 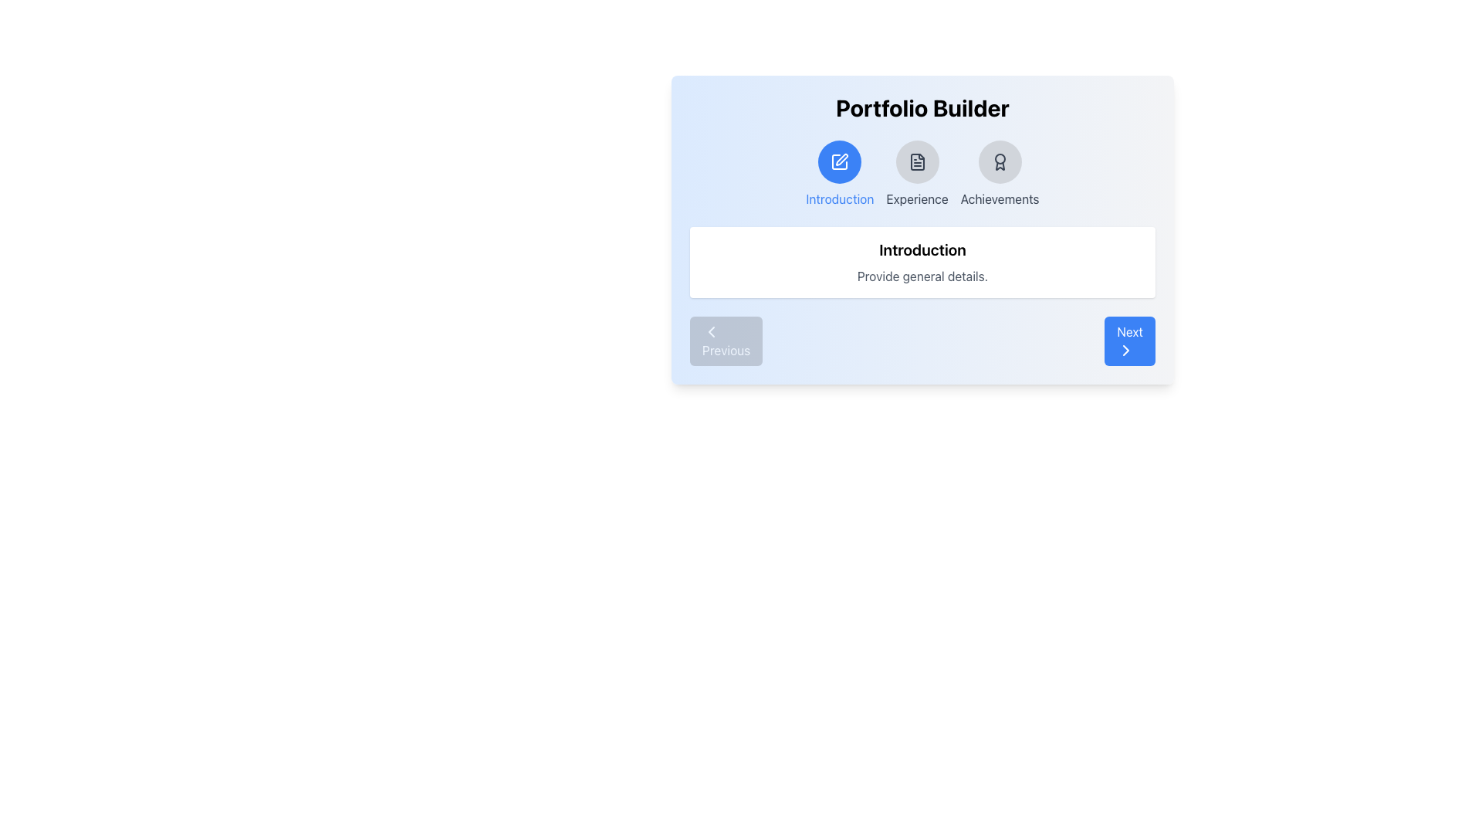 I want to click on the second circular button labeled 'Experience' located below the title 'Portfolio Builder', so click(x=917, y=161).